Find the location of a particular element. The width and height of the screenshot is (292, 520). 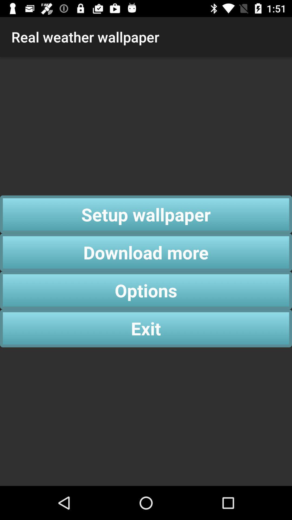

setup wallpaper item is located at coordinates (146, 214).